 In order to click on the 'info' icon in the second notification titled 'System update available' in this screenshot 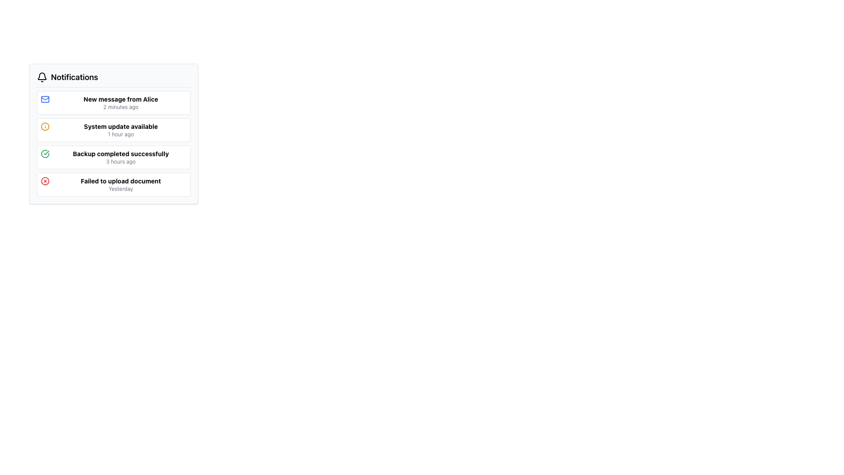, I will do `click(44, 127)`.